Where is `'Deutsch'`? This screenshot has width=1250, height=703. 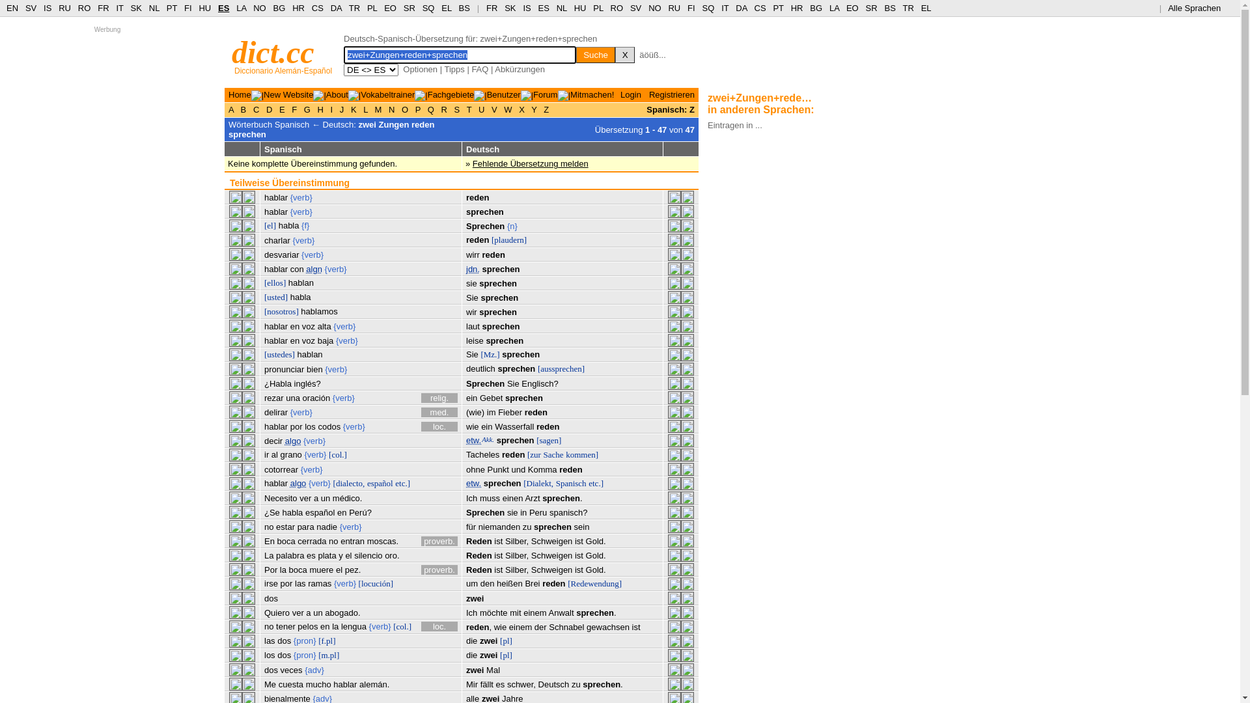
'Deutsch' is located at coordinates (553, 683).